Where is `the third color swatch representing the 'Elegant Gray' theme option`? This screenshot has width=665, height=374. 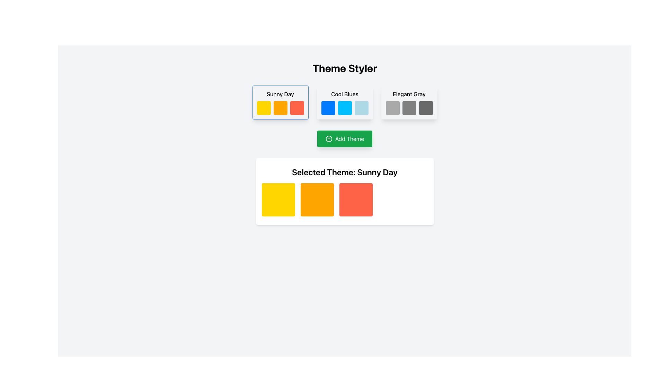 the third color swatch representing the 'Elegant Gray' theme option is located at coordinates (425, 108).